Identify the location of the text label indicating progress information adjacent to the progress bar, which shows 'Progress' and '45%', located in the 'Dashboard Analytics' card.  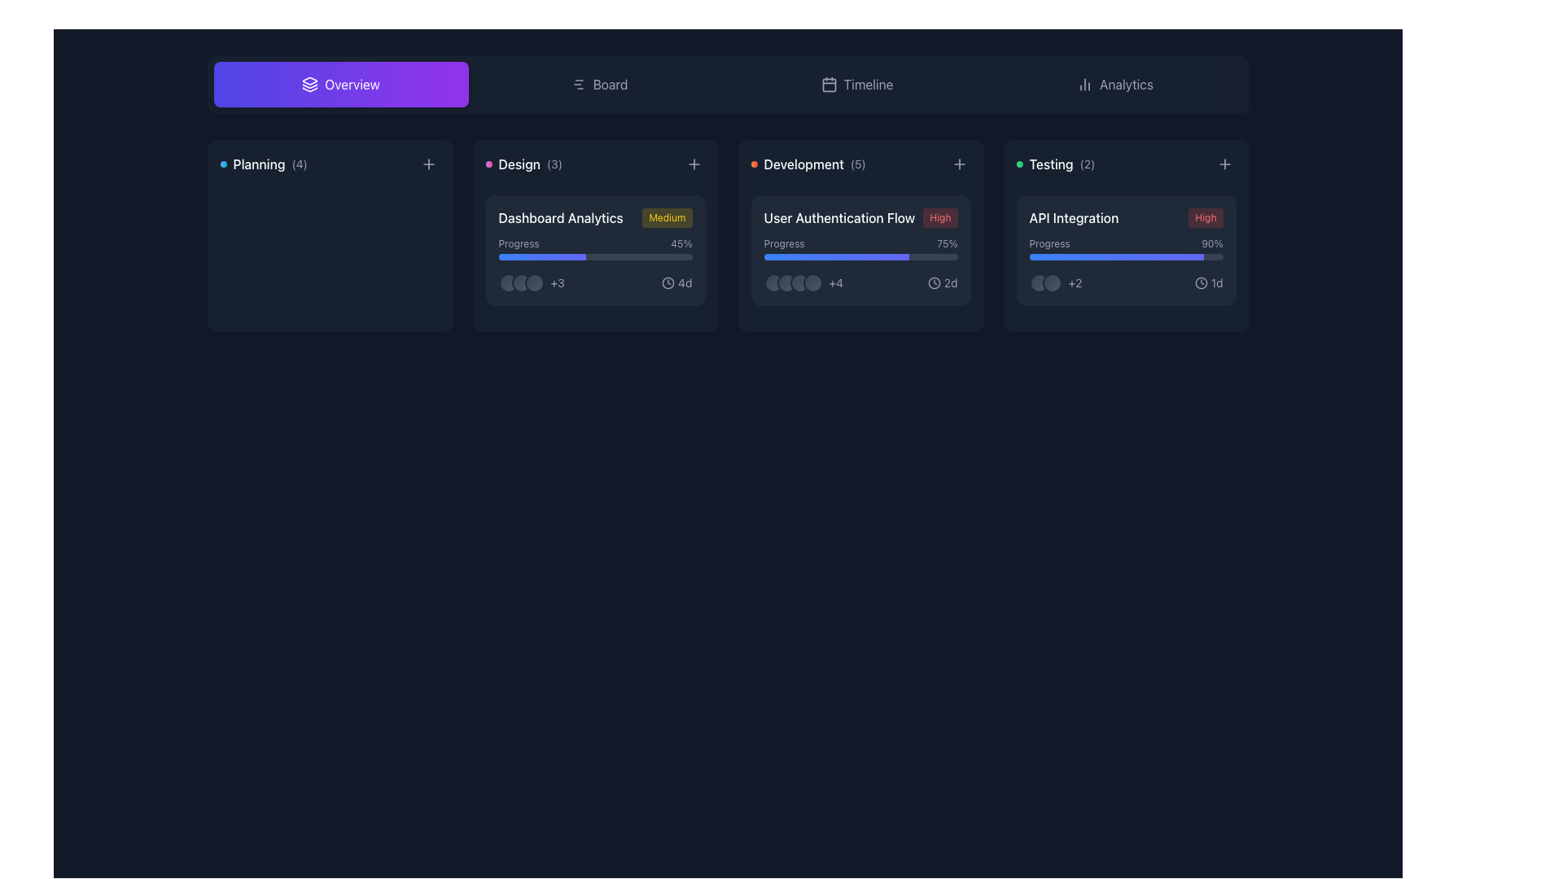
(518, 244).